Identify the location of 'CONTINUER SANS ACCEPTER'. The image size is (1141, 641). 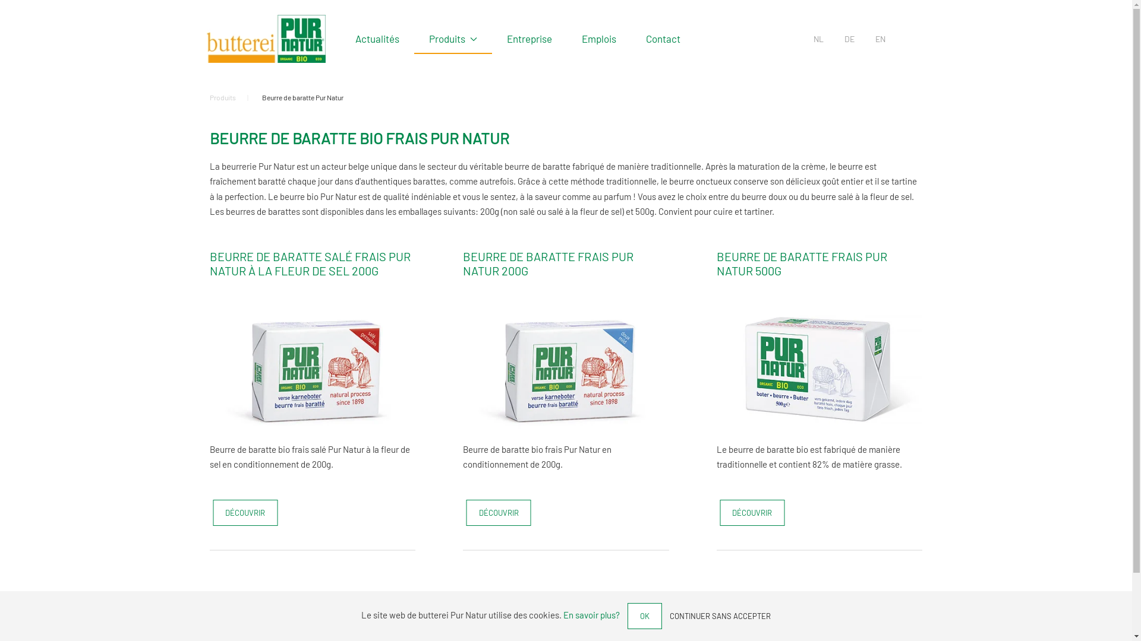
(720, 615).